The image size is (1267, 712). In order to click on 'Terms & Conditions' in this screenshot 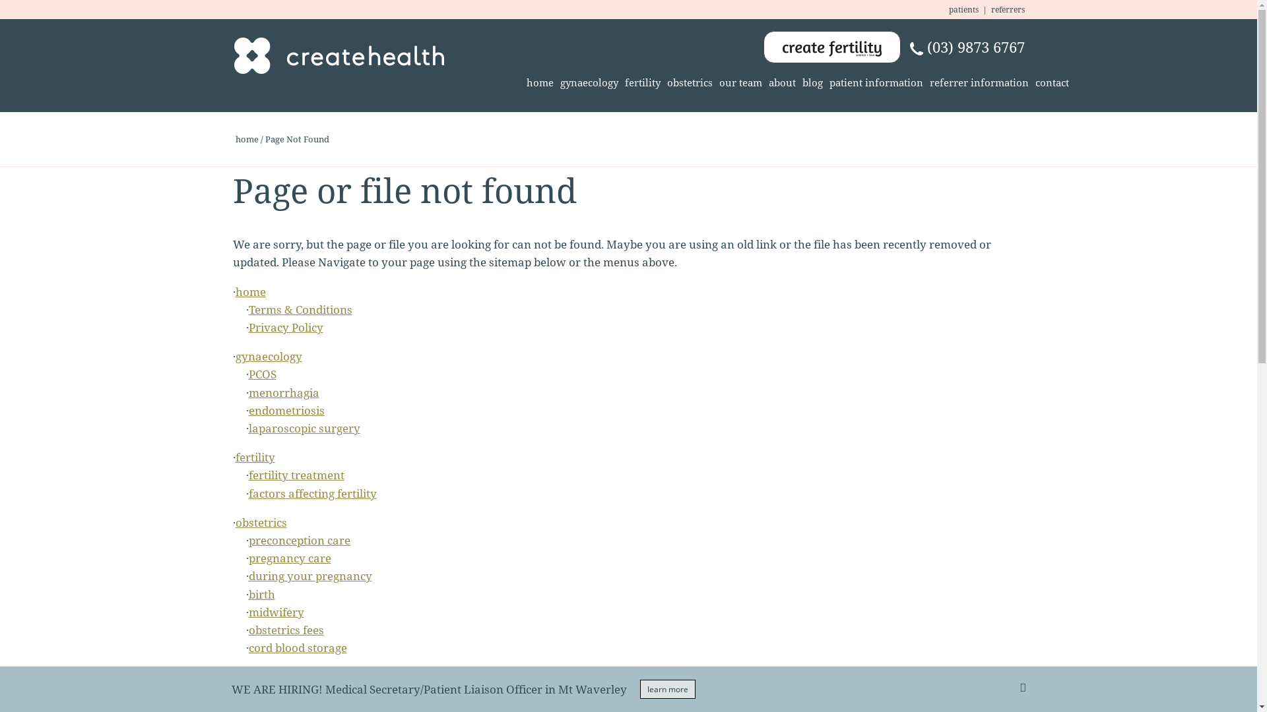, I will do `click(299, 309)`.